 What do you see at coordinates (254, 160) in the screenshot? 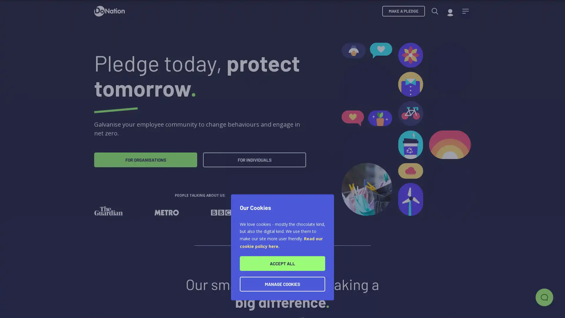
I see `FOR INDIVIDUALS` at bounding box center [254, 160].